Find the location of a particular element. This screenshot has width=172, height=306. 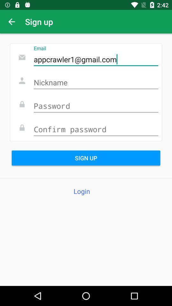

your nickname is located at coordinates (96, 83).